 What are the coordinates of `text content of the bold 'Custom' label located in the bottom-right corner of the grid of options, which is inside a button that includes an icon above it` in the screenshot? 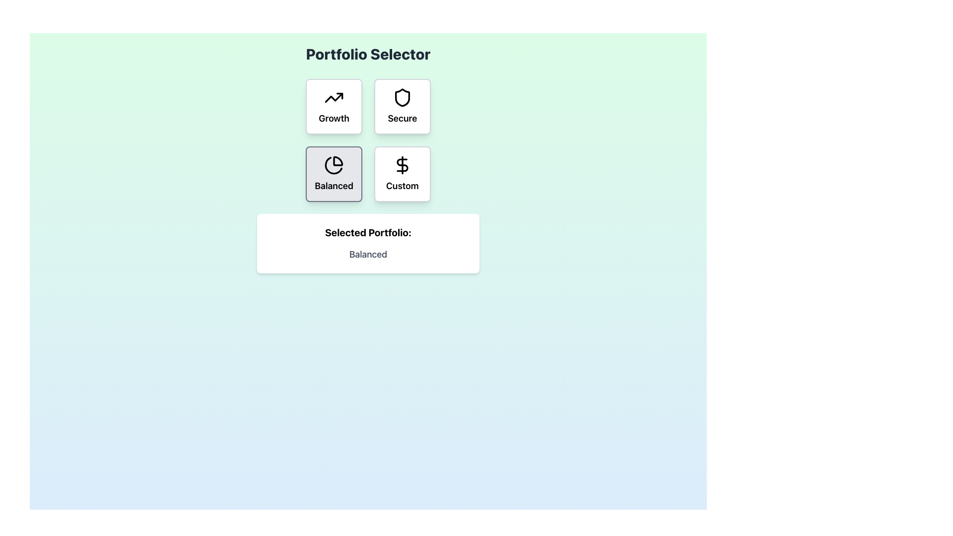 It's located at (402, 186).